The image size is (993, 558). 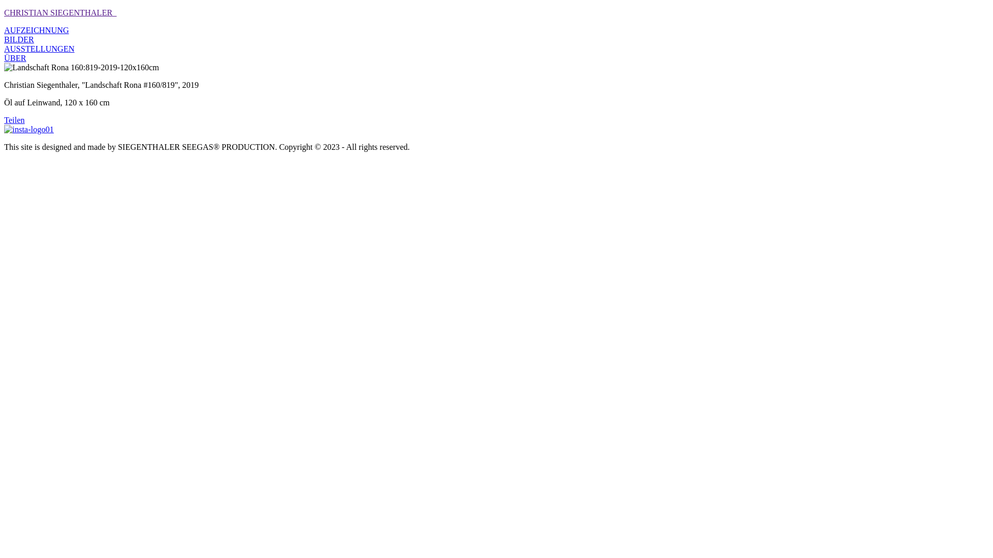 I want to click on 'insta-logo01', so click(x=4, y=129).